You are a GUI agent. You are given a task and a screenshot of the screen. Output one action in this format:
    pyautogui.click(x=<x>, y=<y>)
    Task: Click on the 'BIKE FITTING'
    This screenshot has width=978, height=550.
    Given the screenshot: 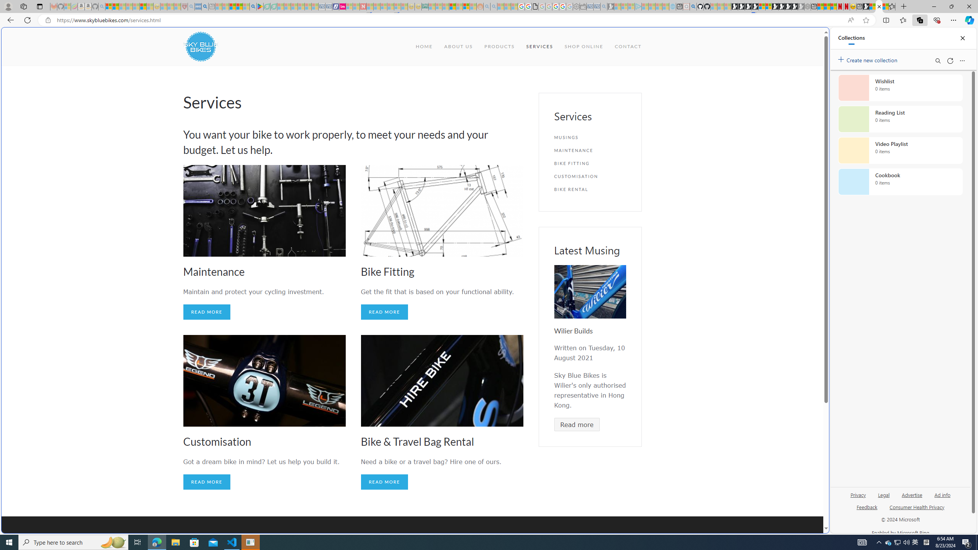 What is the action you would take?
    pyautogui.click(x=590, y=163)
    